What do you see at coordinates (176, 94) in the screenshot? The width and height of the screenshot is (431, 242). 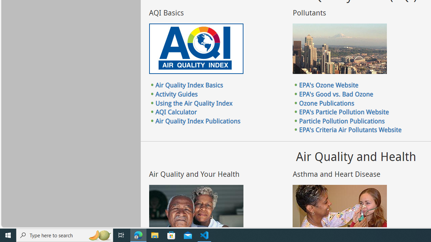 I see `'Activity Guides'` at bounding box center [176, 94].